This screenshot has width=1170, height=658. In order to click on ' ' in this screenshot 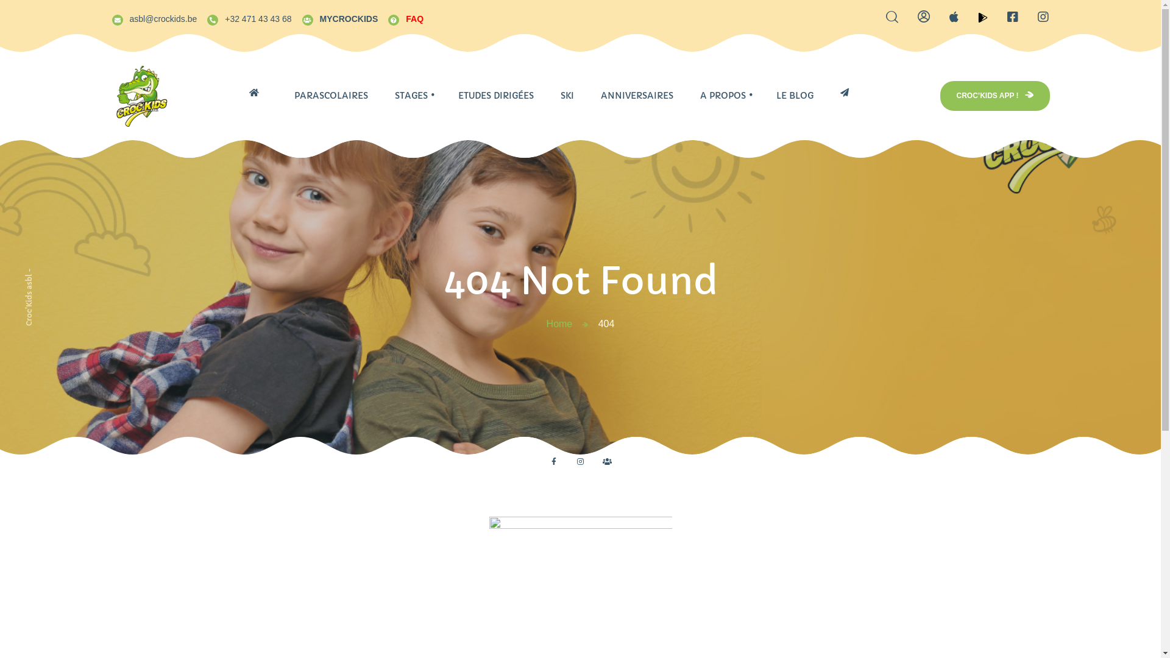, I will do `click(257, 91)`.